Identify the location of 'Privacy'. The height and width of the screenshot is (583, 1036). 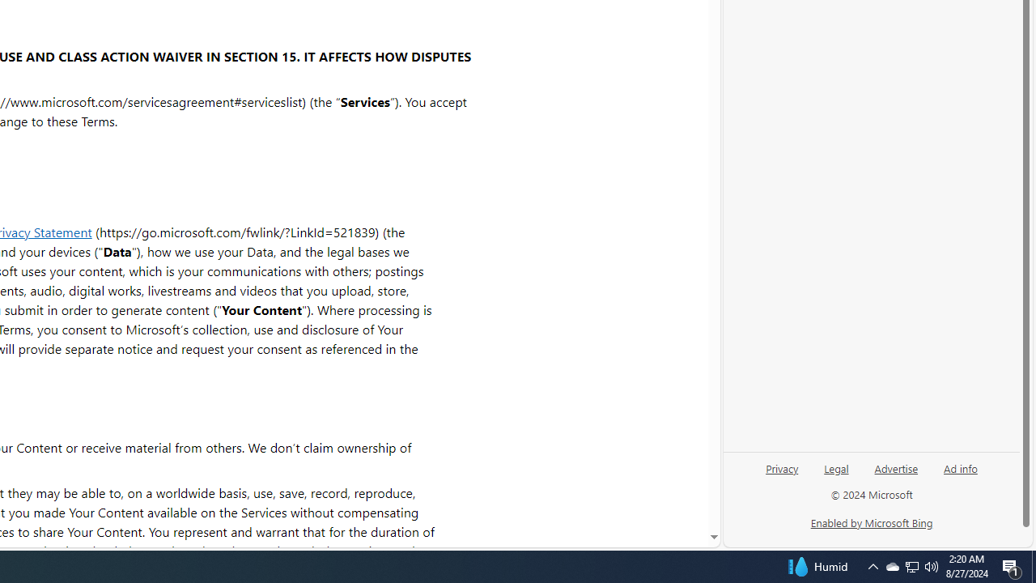
(783, 474).